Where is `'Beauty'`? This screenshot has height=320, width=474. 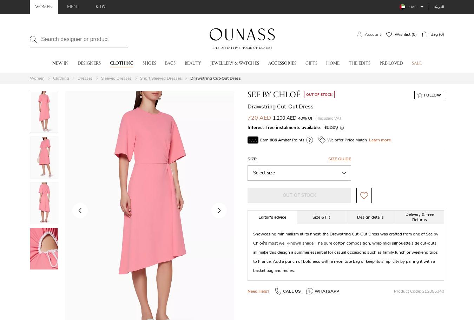
'Beauty' is located at coordinates (192, 64).